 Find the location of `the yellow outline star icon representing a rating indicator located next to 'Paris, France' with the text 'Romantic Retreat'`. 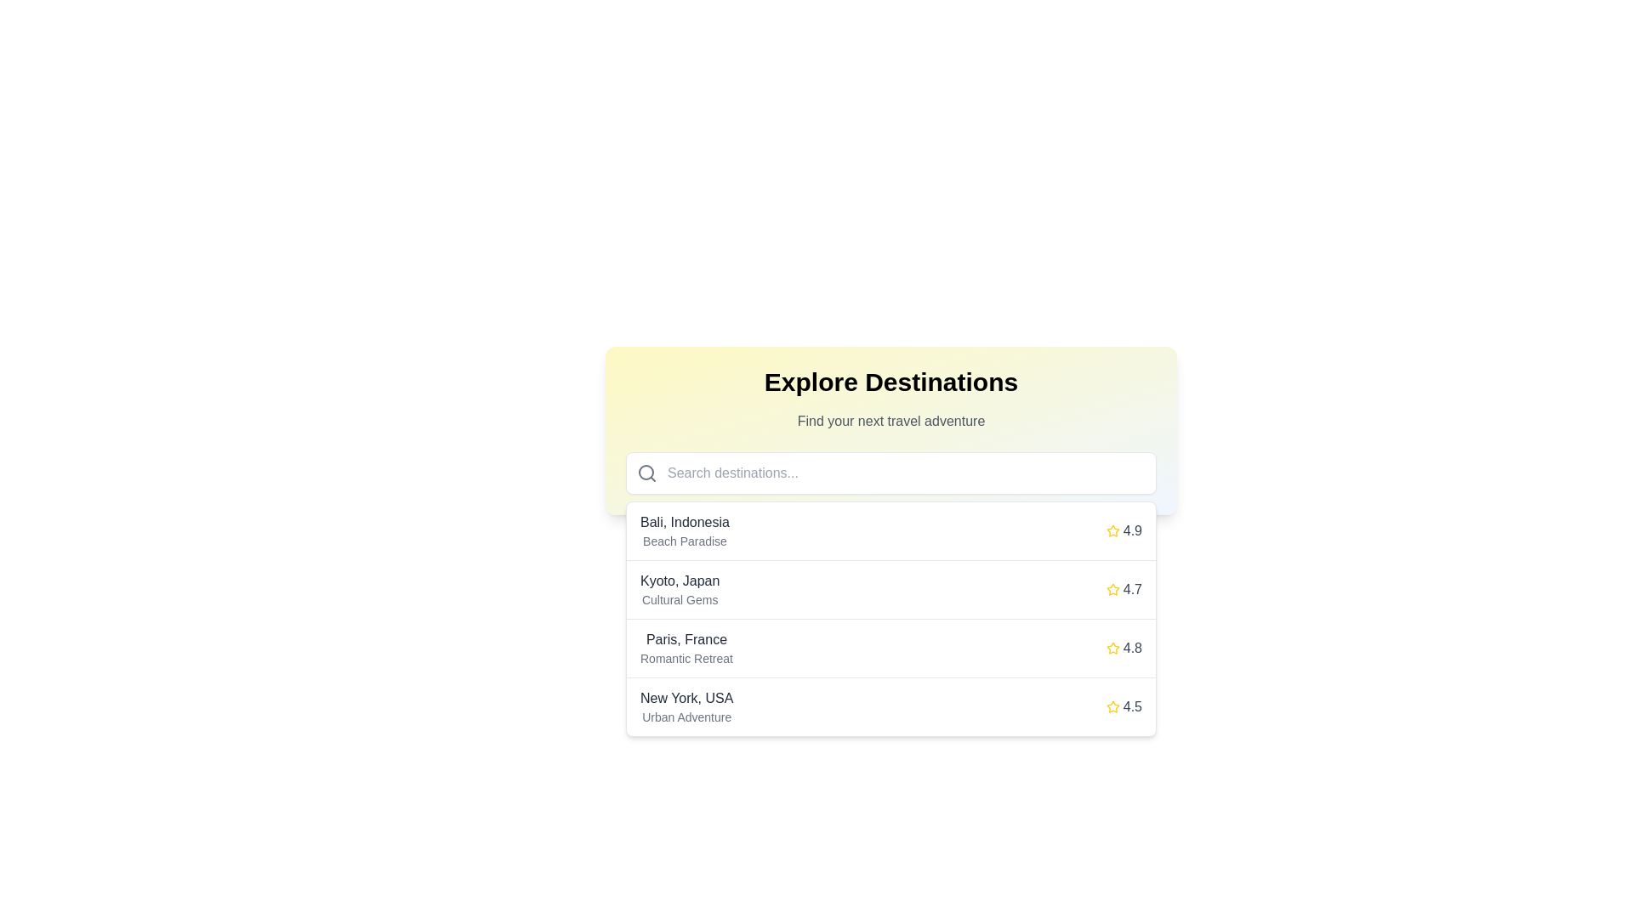

the yellow outline star icon representing a rating indicator located next to 'Paris, France' with the text 'Romantic Retreat' is located at coordinates (1112, 649).